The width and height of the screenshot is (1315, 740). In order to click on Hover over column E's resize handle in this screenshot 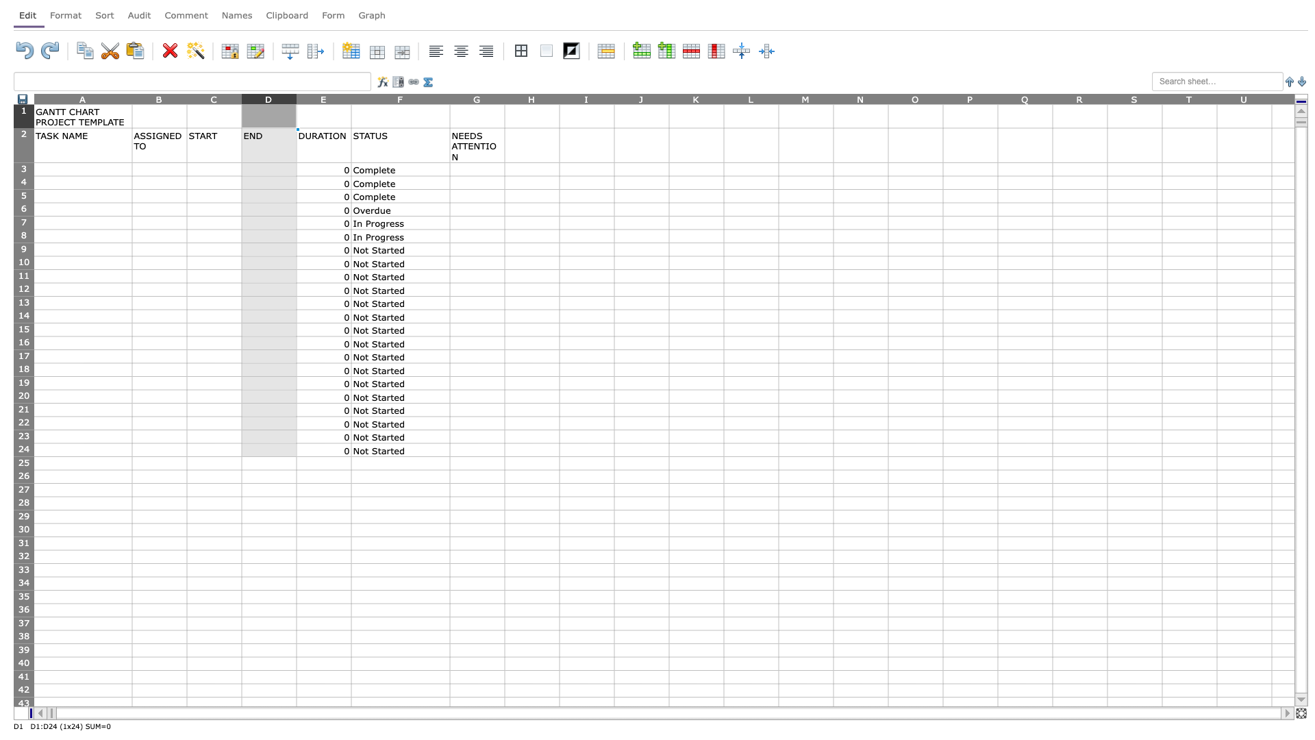, I will do `click(351, 98)`.